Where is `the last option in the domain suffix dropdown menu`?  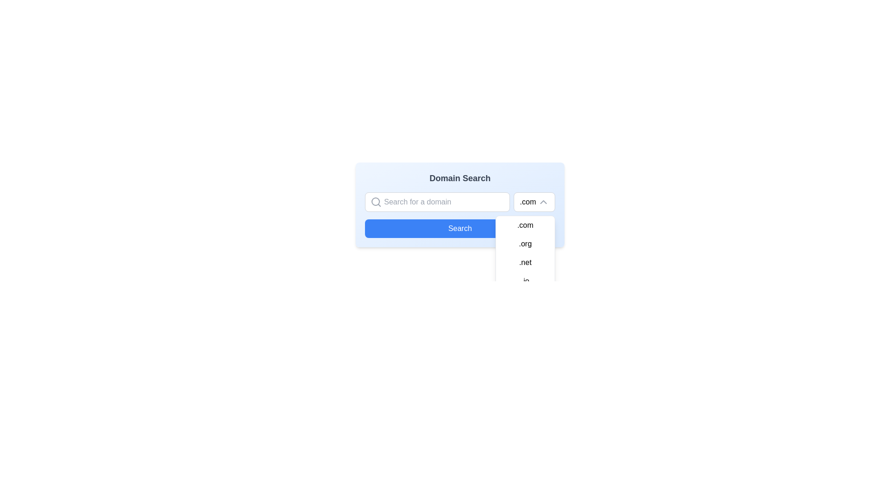
the last option in the domain suffix dropdown menu is located at coordinates (525, 281).